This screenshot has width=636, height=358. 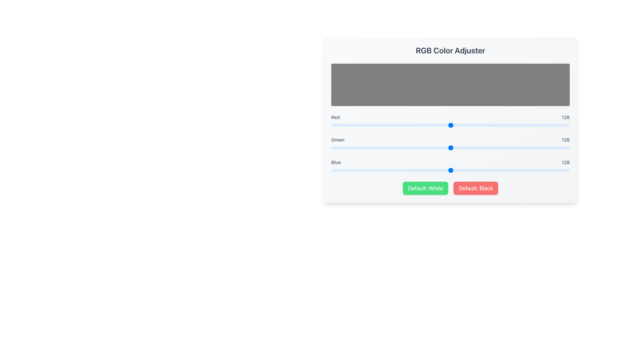 What do you see at coordinates (379, 125) in the screenshot?
I see `the Red value` at bounding box center [379, 125].